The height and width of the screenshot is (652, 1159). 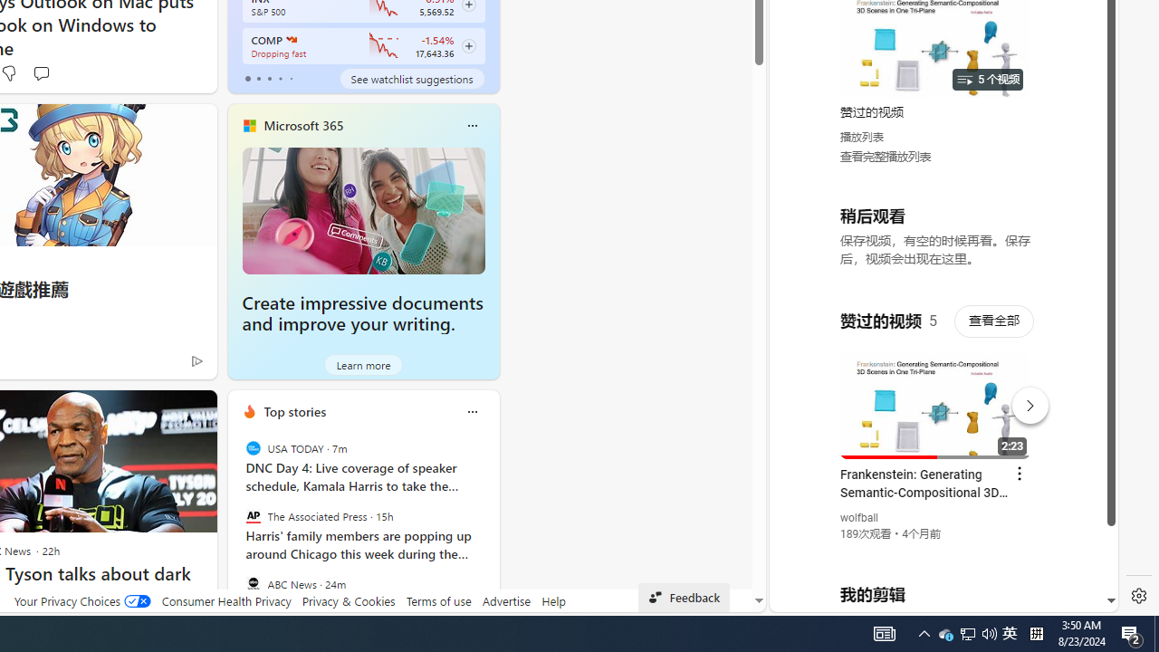 I want to click on 'Learn more', so click(x=362, y=364).